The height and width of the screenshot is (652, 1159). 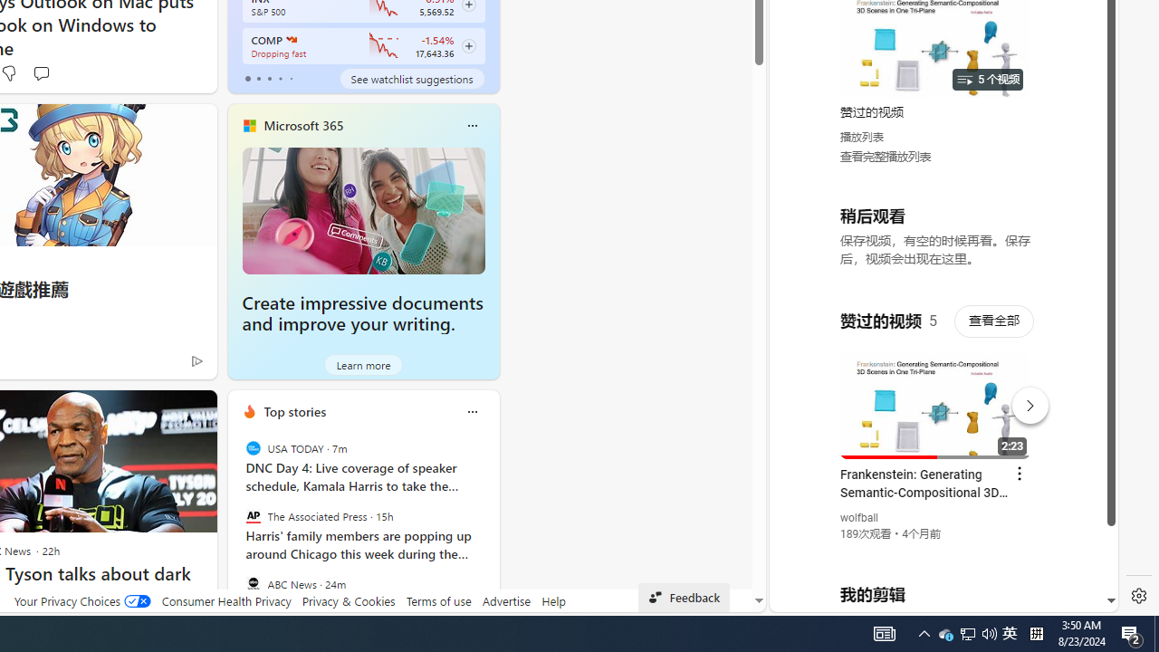 I want to click on 'Learn more', so click(x=362, y=364).